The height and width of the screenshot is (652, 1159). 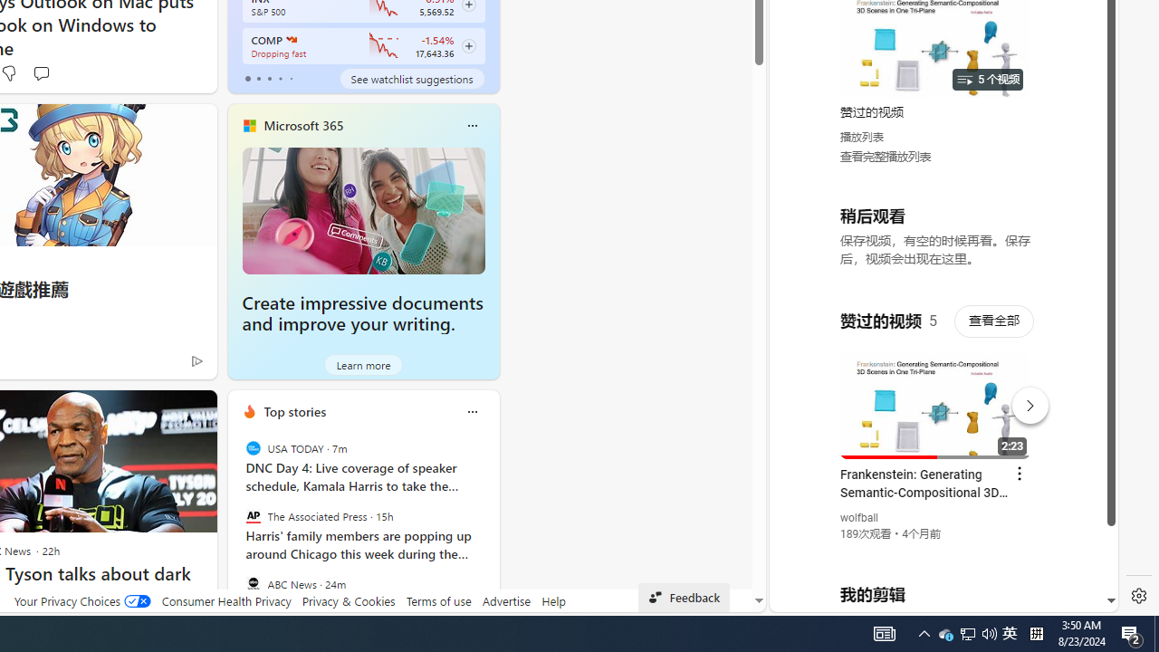 I want to click on 'Learn more', so click(x=362, y=364).